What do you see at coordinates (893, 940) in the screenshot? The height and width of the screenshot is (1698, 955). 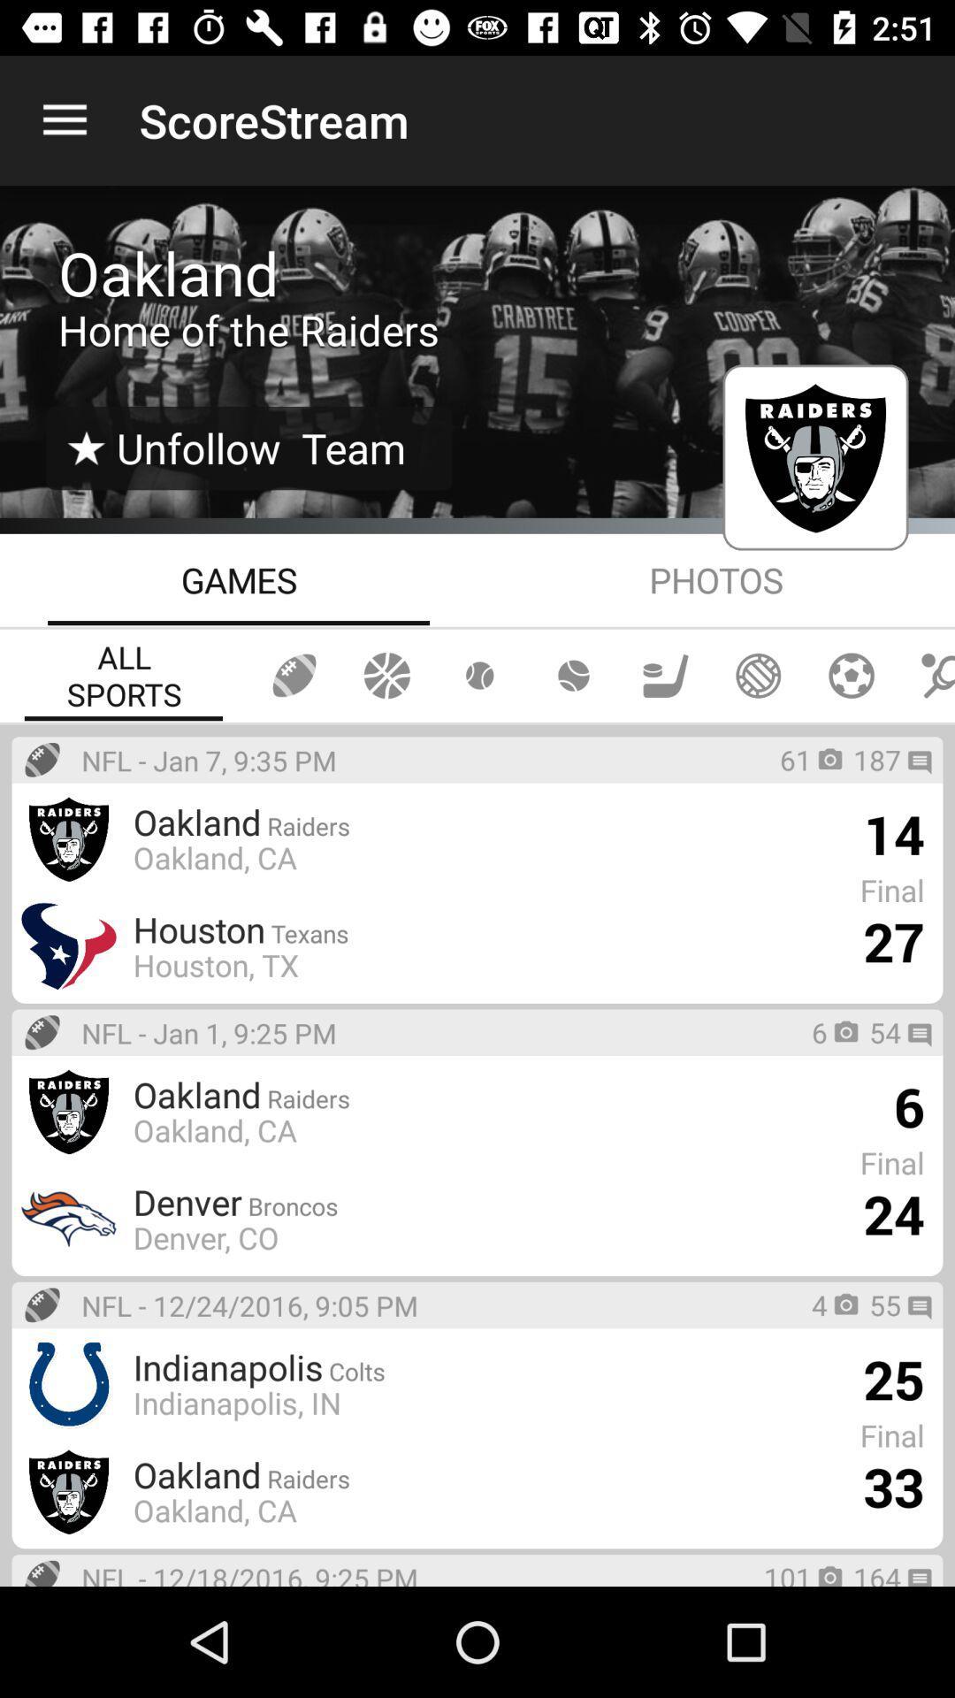 I see `the 27` at bounding box center [893, 940].